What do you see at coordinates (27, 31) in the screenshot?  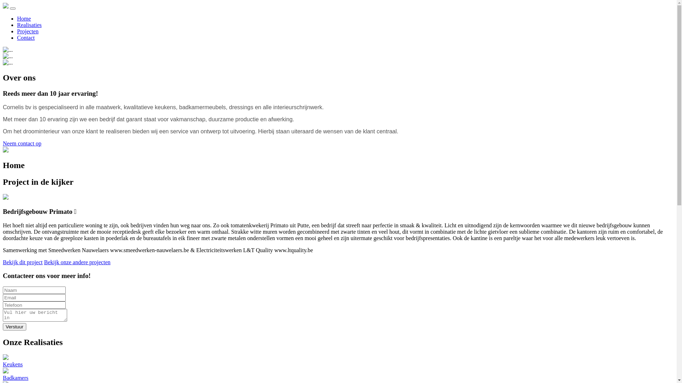 I see `'Projecten'` at bounding box center [27, 31].